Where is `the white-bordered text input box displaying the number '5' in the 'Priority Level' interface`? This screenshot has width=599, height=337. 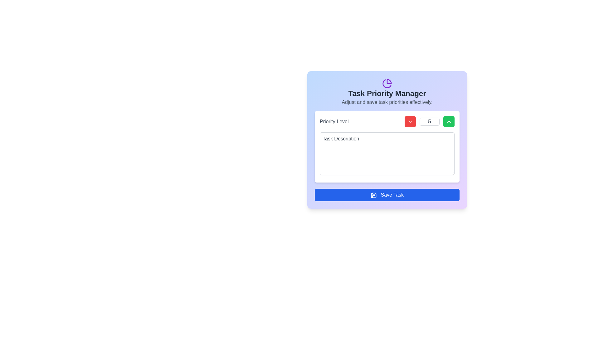
the white-bordered text input box displaying the number '5' in the 'Priority Level' interface is located at coordinates (429, 121).